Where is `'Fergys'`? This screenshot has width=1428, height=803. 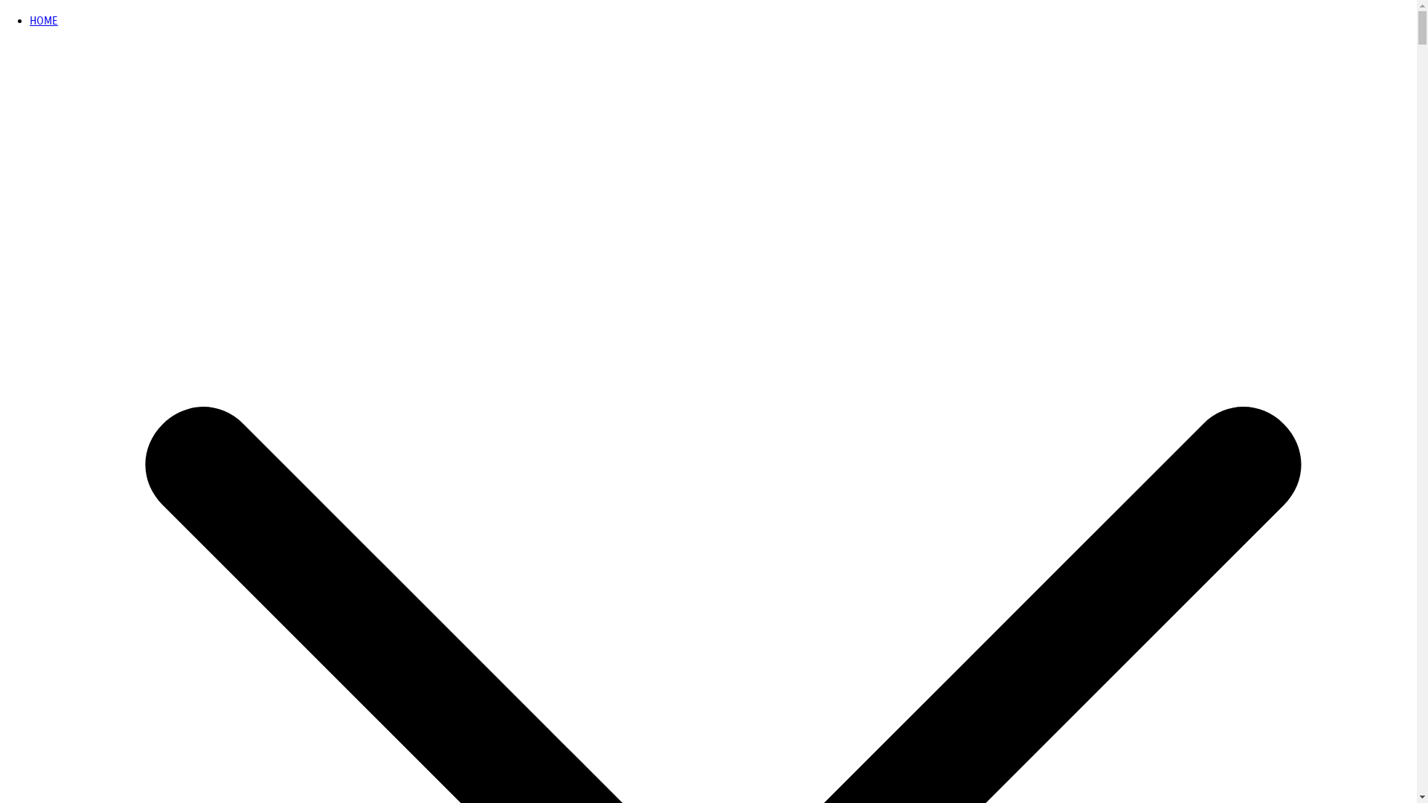 'Fergys' is located at coordinates (15, 31).